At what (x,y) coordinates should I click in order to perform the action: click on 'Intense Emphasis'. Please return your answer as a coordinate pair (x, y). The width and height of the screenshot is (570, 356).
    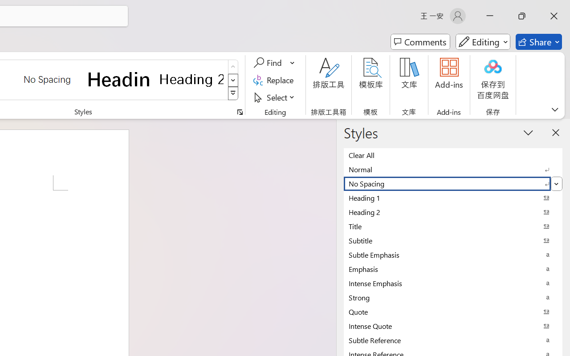
    Looking at the image, I should click on (453, 283).